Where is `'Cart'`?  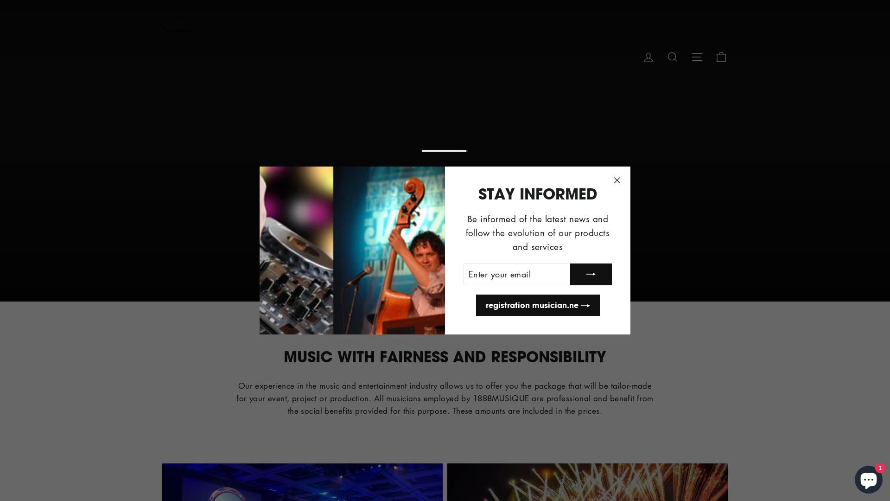
'Cart' is located at coordinates (720, 56).